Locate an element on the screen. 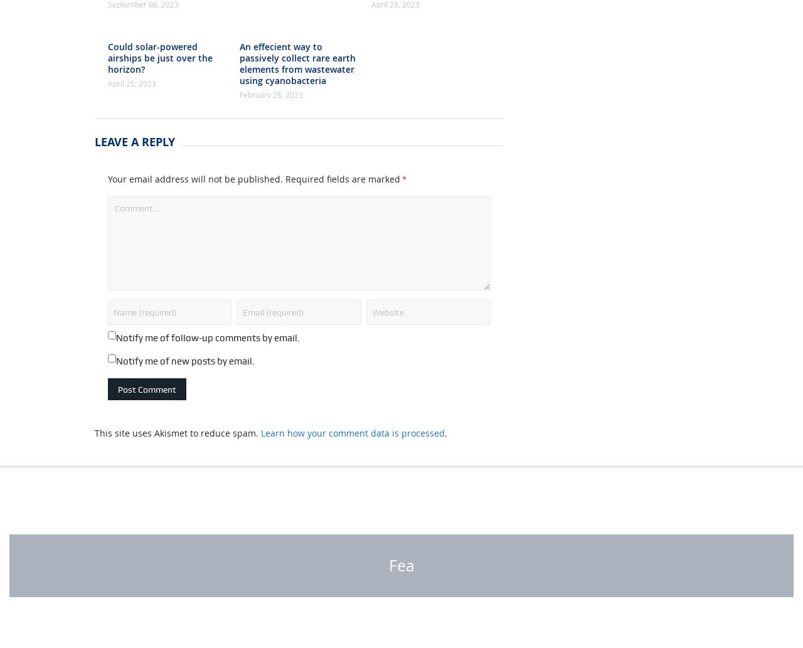  'This site uses Akismet to reduce spam.' is located at coordinates (177, 465).